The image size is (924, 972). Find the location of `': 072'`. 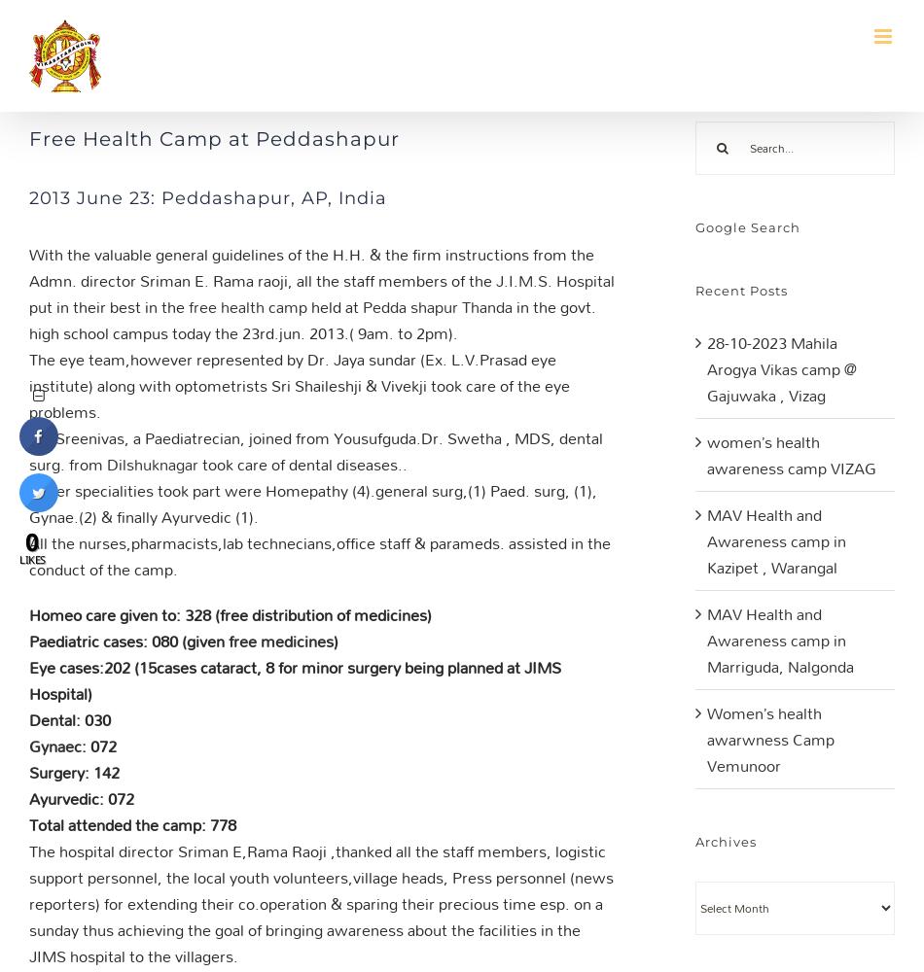

': 072' is located at coordinates (99, 746).